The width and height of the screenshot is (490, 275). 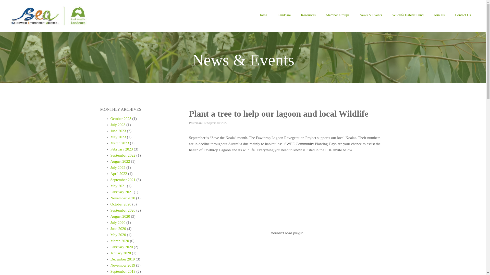 I want to click on 'May 2020', so click(x=118, y=235).